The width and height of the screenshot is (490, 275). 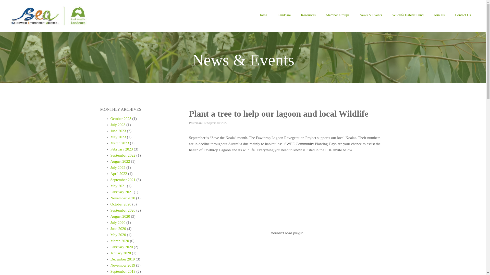 I want to click on 'May 2020', so click(x=118, y=235).